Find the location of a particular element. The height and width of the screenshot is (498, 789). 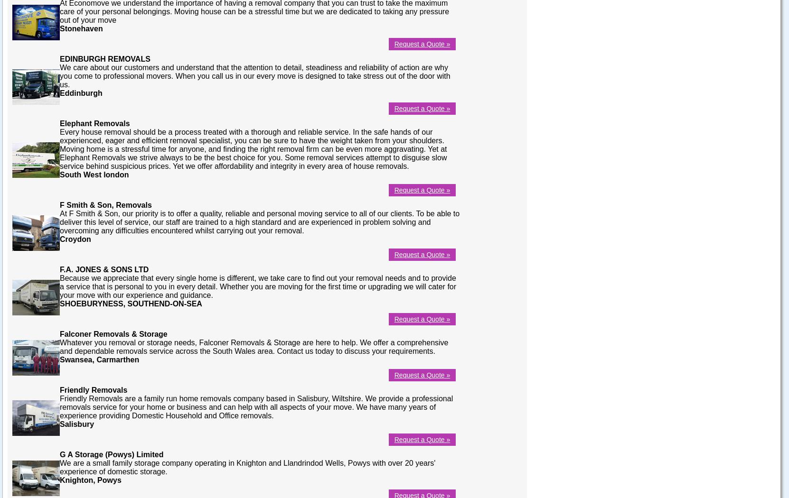

'Friendly Removals are a family run home removals company based in Salisbury, Wiltshire. We provide a professional removals service for your home or business and can help with all aspects of your move. We have many years of experience providing Domestic Household and Office removals.' is located at coordinates (59, 406).